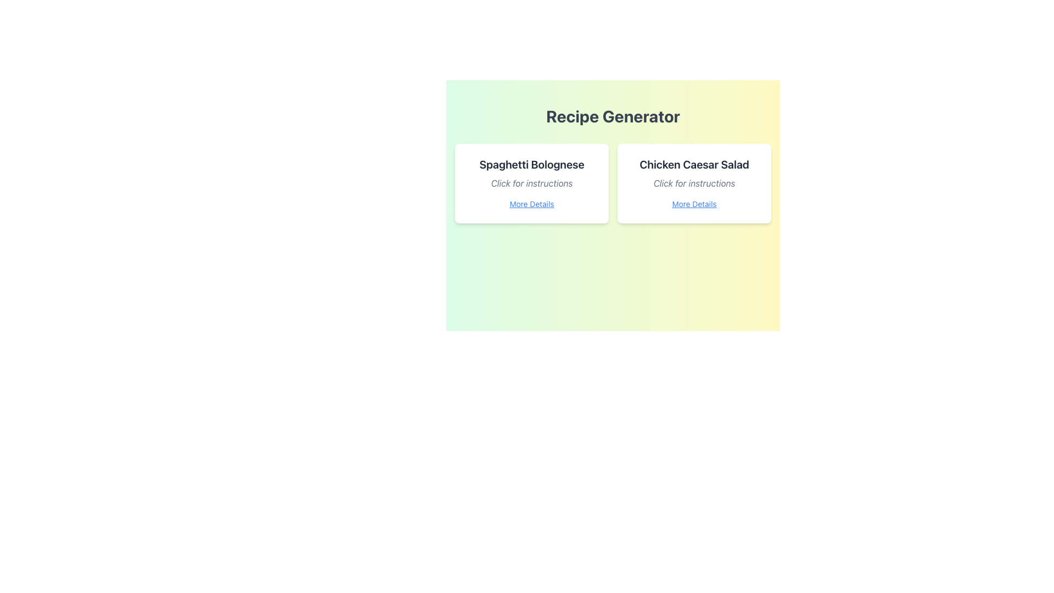  I want to click on the text snippet styled in italic and gray color displaying 'Click for instructions', which is located under the heading 'Chicken Caesar Salad' and above the link 'More Details', so click(694, 183).